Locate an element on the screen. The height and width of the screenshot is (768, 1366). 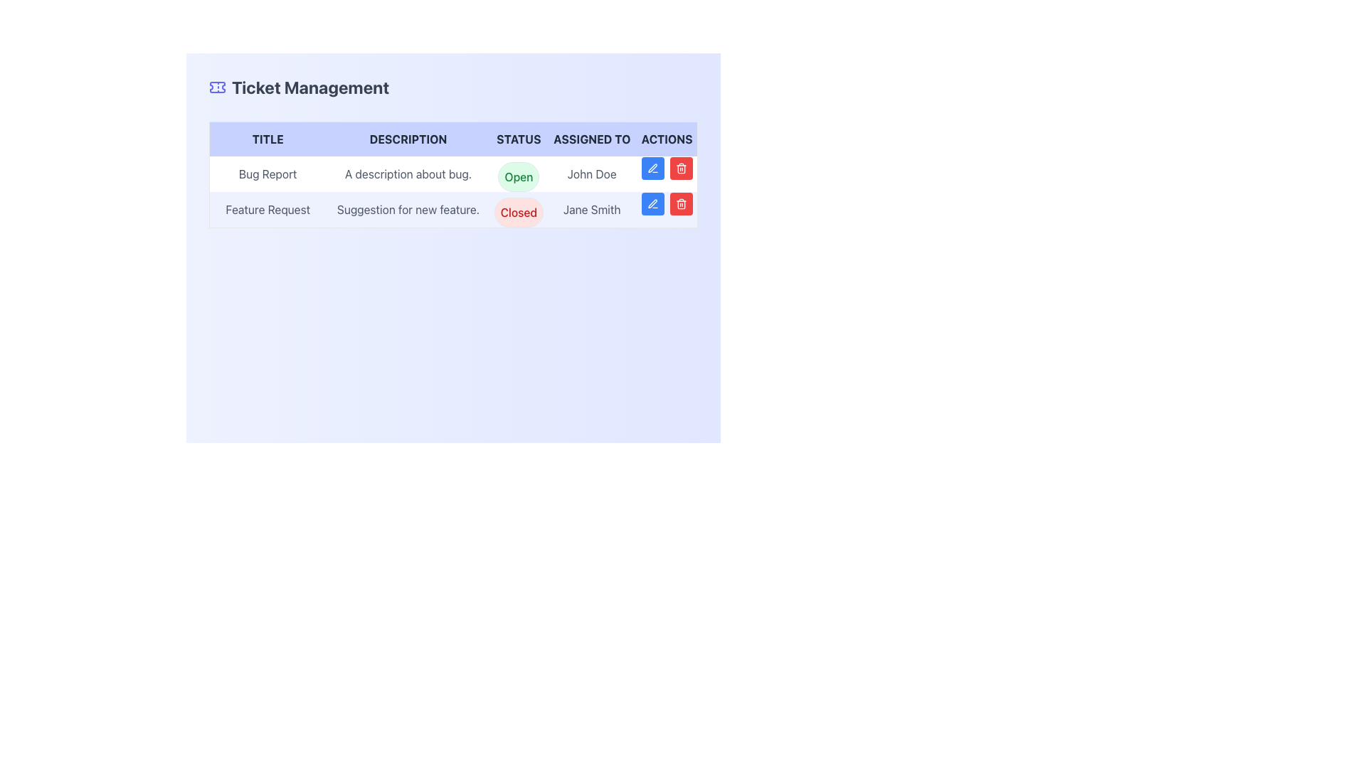
the edit button SVG icon located in the 'Actions' column of the second row in the table is located at coordinates (651, 203).